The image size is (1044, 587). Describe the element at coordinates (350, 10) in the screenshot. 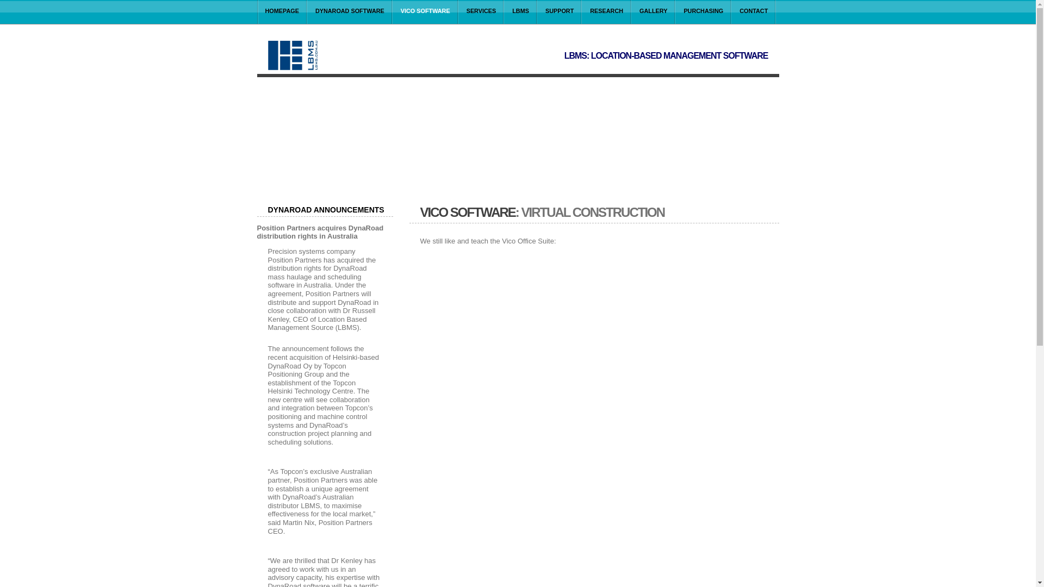

I see `'DYNAROAD SOFTWARE'` at that location.